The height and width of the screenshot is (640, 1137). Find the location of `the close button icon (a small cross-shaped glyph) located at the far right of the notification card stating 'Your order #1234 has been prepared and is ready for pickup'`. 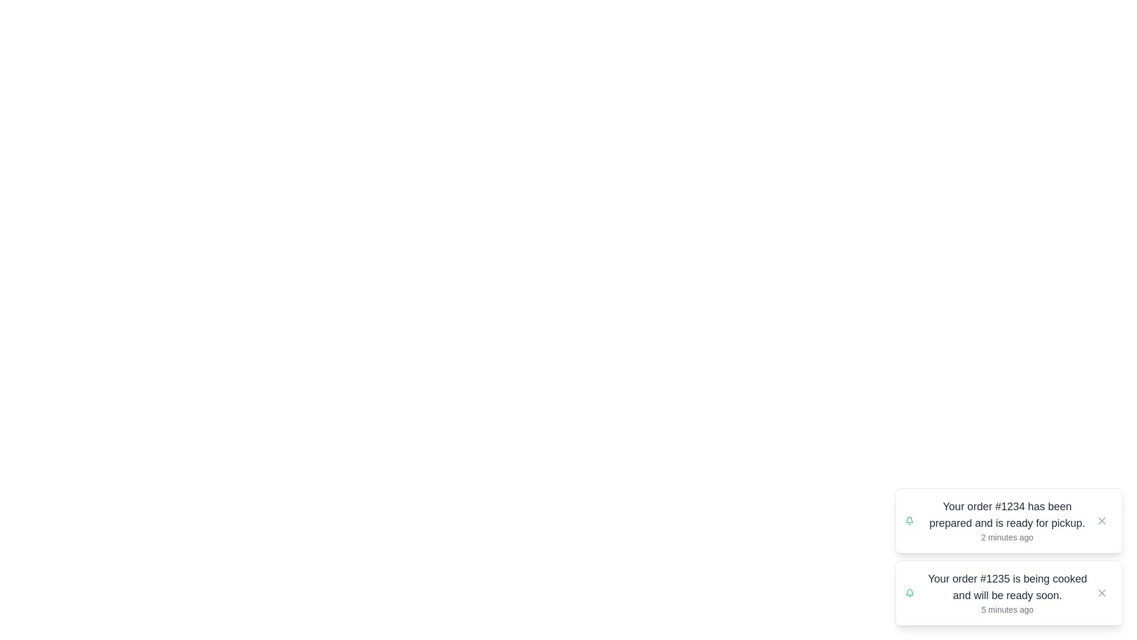

the close button icon (a small cross-shaped glyph) located at the far right of the notification card stating 'Your order #1234 has been prepared and is ready for pickup' is located at coordinates (1101, 520).